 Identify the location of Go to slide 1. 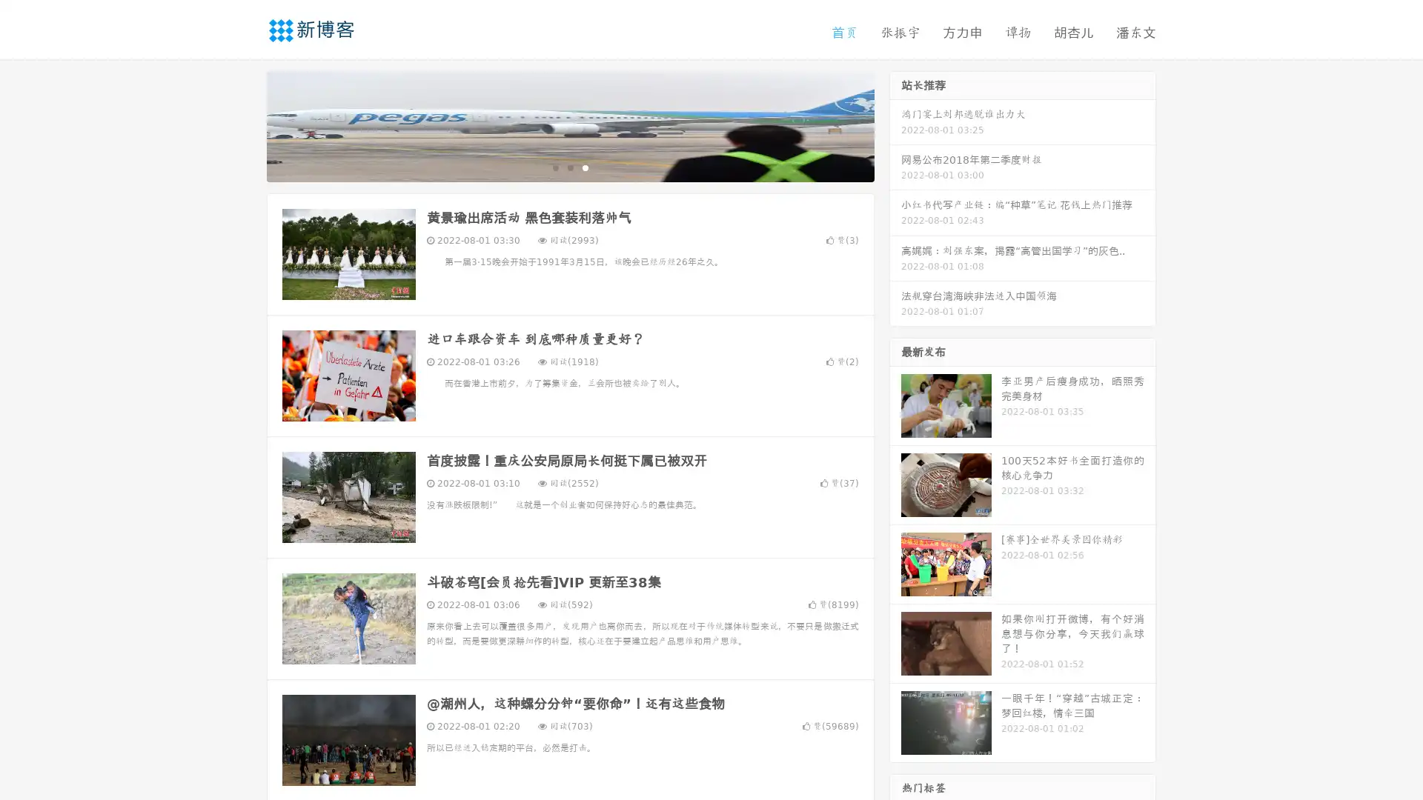
(554, 167).